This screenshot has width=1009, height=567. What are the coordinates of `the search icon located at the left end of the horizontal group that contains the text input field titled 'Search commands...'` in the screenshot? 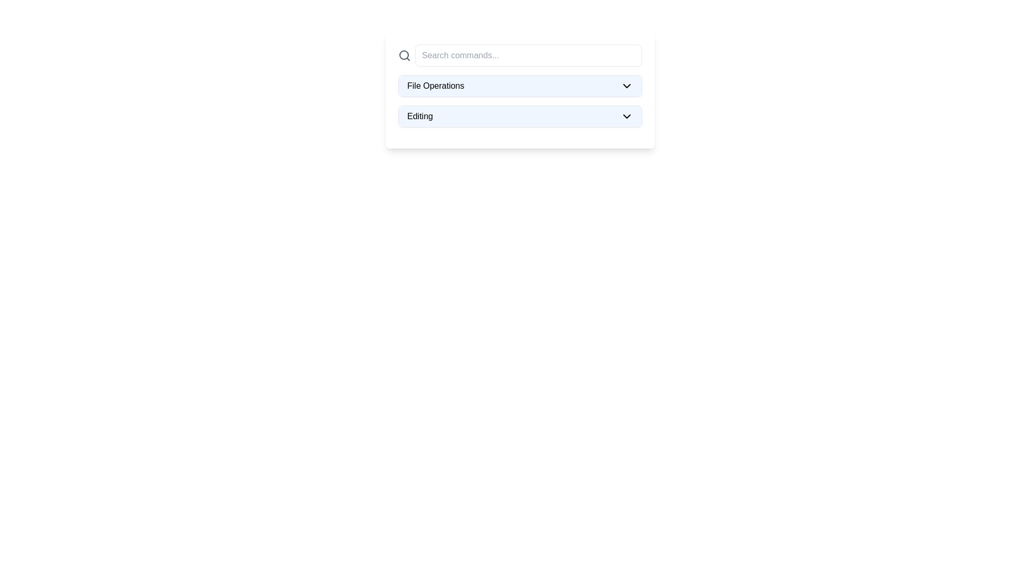 It's located at (404, 55).